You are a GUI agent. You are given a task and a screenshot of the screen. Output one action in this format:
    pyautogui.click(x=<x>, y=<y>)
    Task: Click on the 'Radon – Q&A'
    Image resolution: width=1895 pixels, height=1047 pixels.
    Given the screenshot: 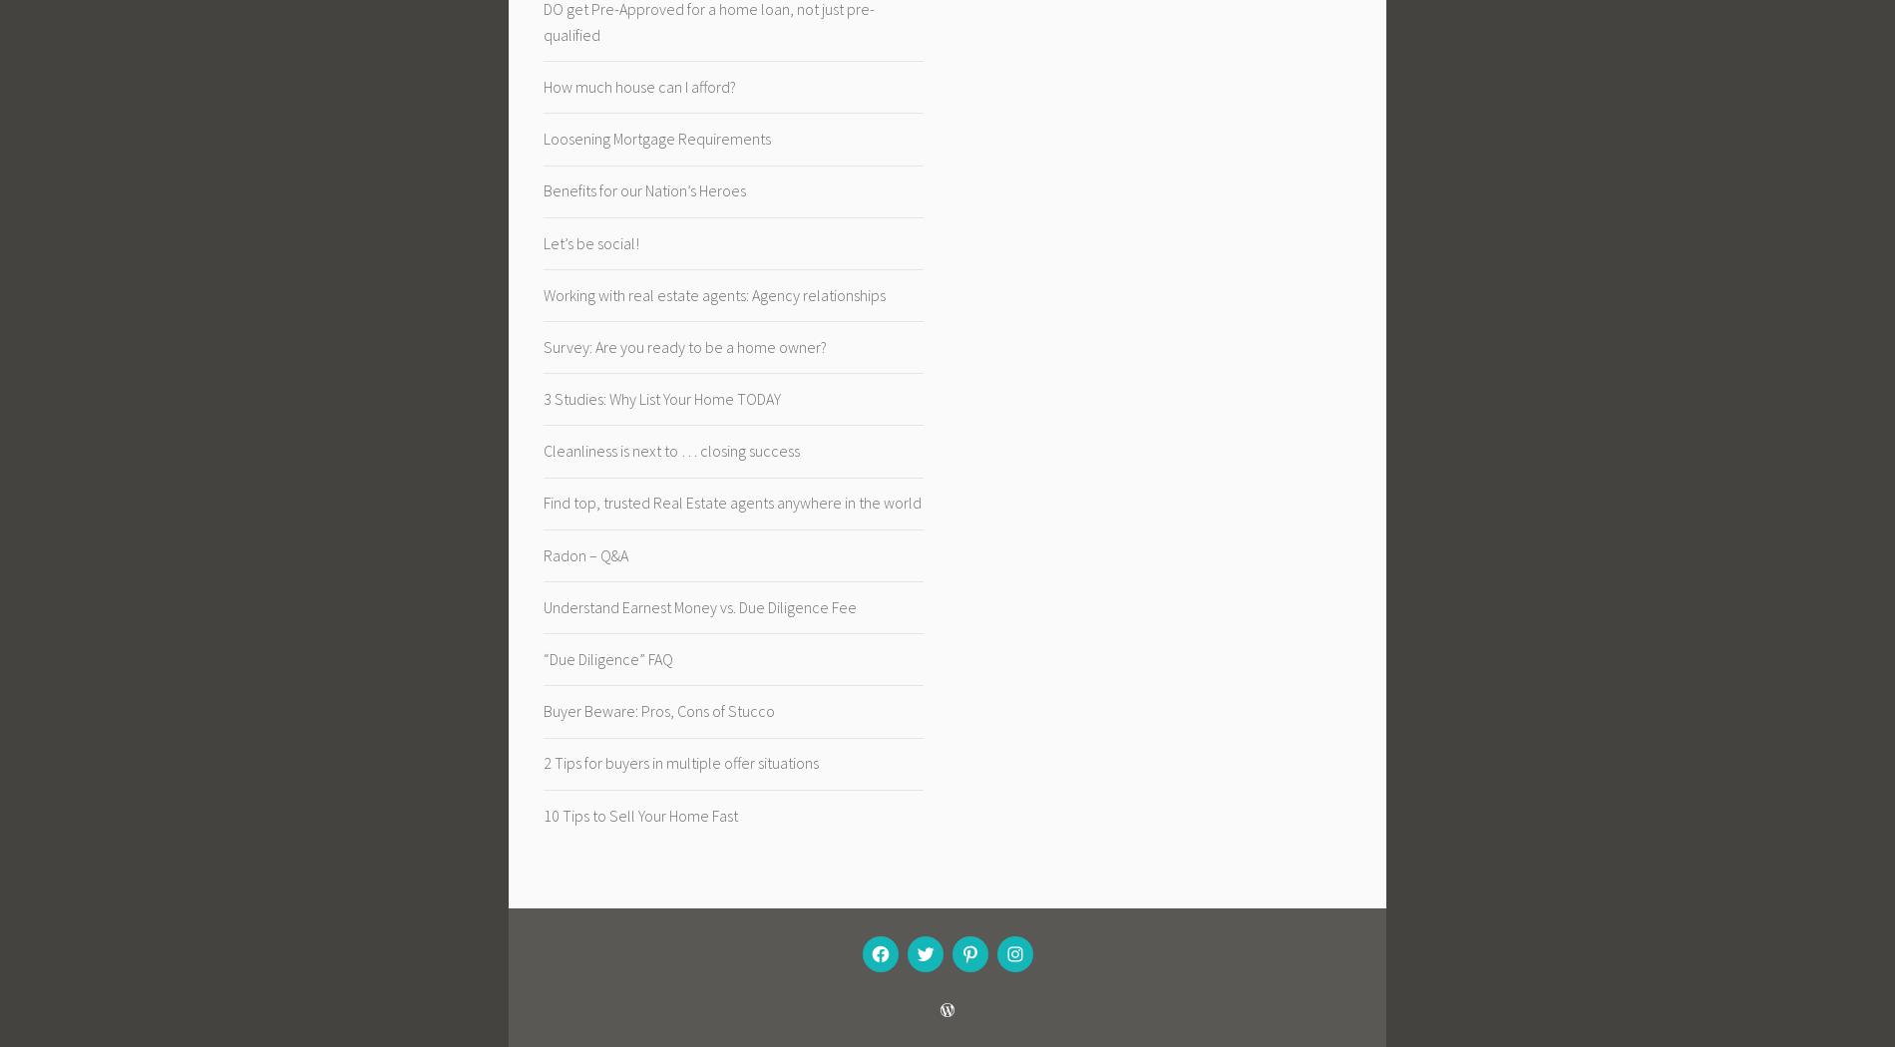 What is the action you would take?
    pyautogui.click(x=585, y=553)
    